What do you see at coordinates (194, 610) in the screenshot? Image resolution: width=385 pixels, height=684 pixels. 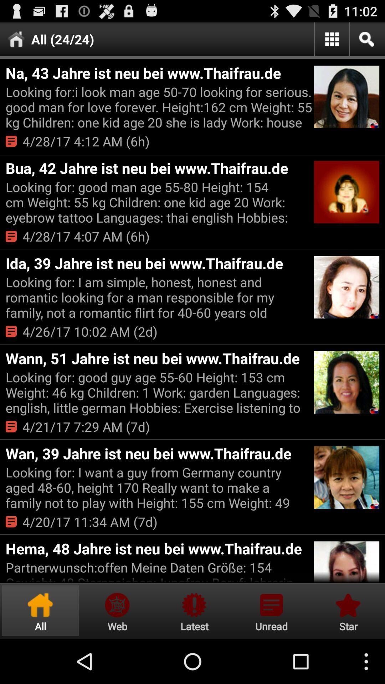 I see `latest` at bounding box center [194, 610].